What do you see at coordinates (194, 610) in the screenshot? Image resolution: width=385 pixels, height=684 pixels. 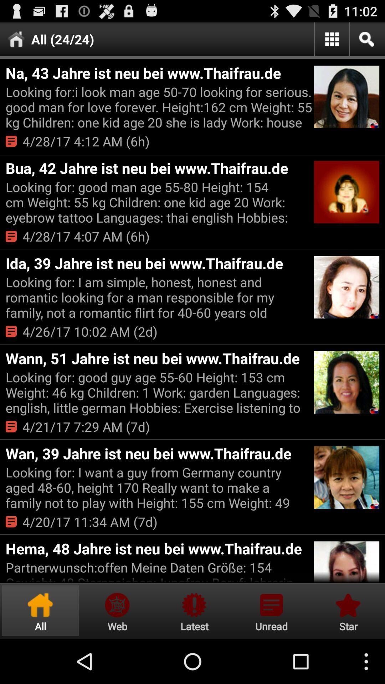 I see `latest` at bounding box center [194, 610].